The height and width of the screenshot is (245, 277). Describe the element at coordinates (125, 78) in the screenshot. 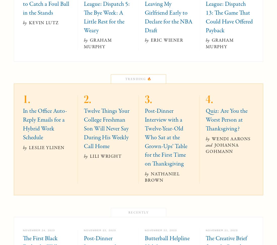

I see `'Trending 🔥'` at that location.